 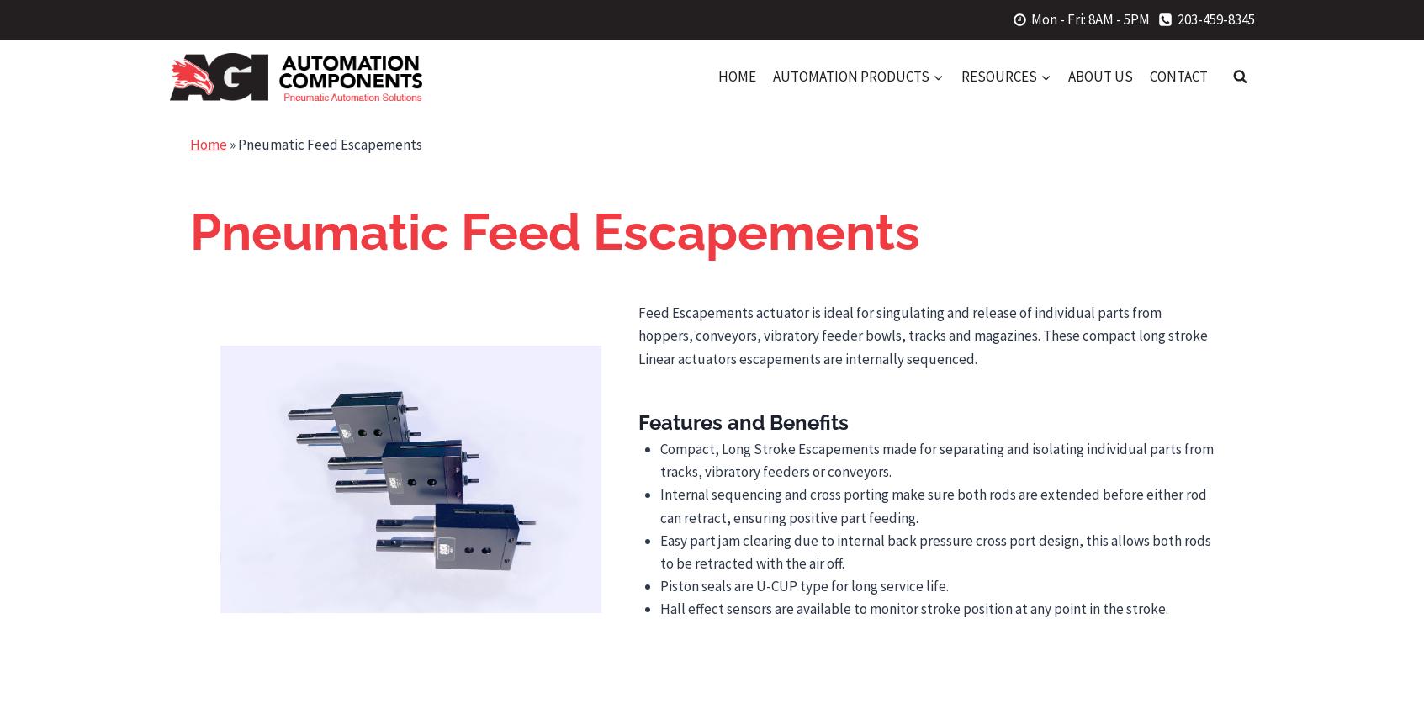 What do you see at coordinates (1178, 75) in the screenshot?
I see `'Contact'` at bounding box center [1178, 75].